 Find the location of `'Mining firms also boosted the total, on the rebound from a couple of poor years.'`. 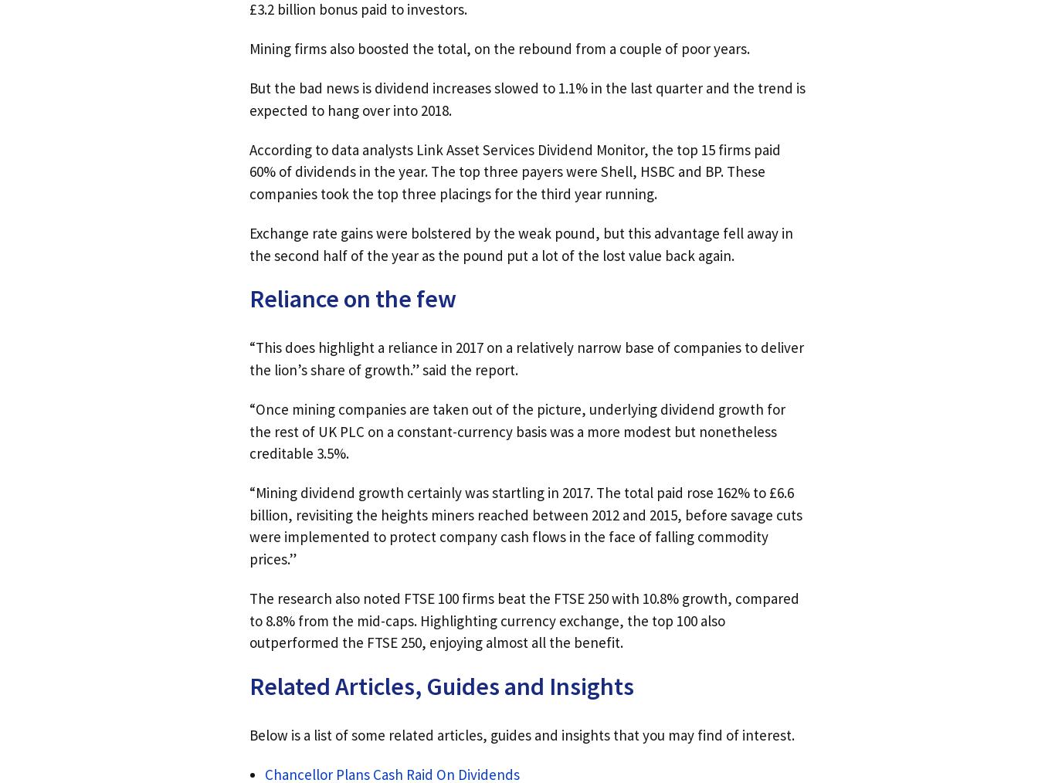

'Mining firms also boosted the total, on the rebound from a couple of poor years.' is located at coordinates (498, 46).